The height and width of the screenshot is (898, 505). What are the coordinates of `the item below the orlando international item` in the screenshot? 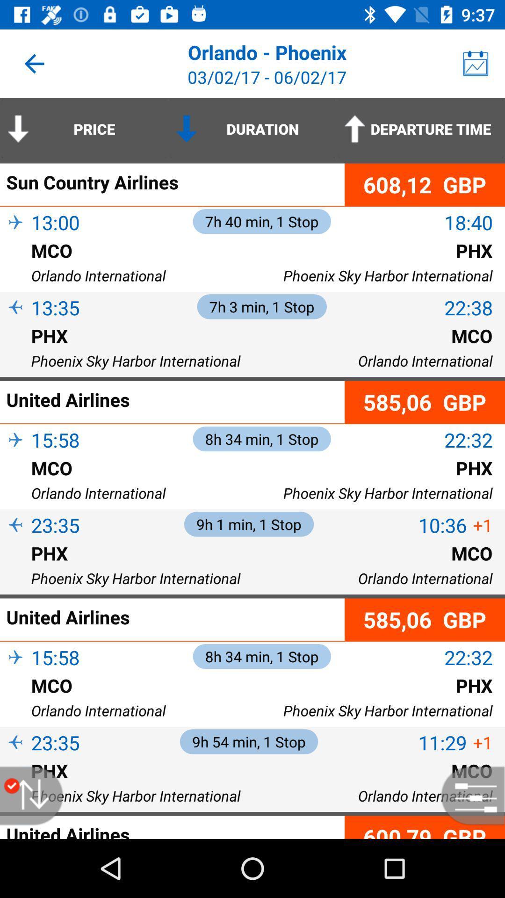 It's located at (425, 827).